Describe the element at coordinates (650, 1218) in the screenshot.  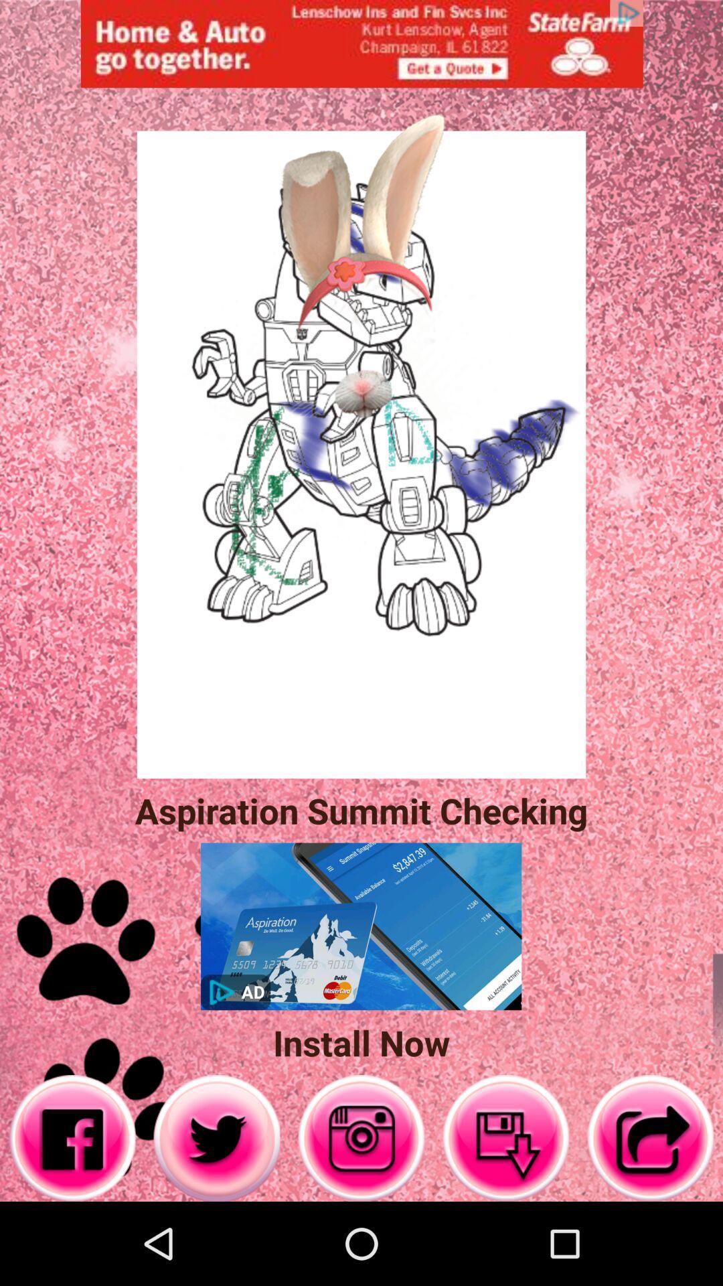
I see `the share icon` at that location.